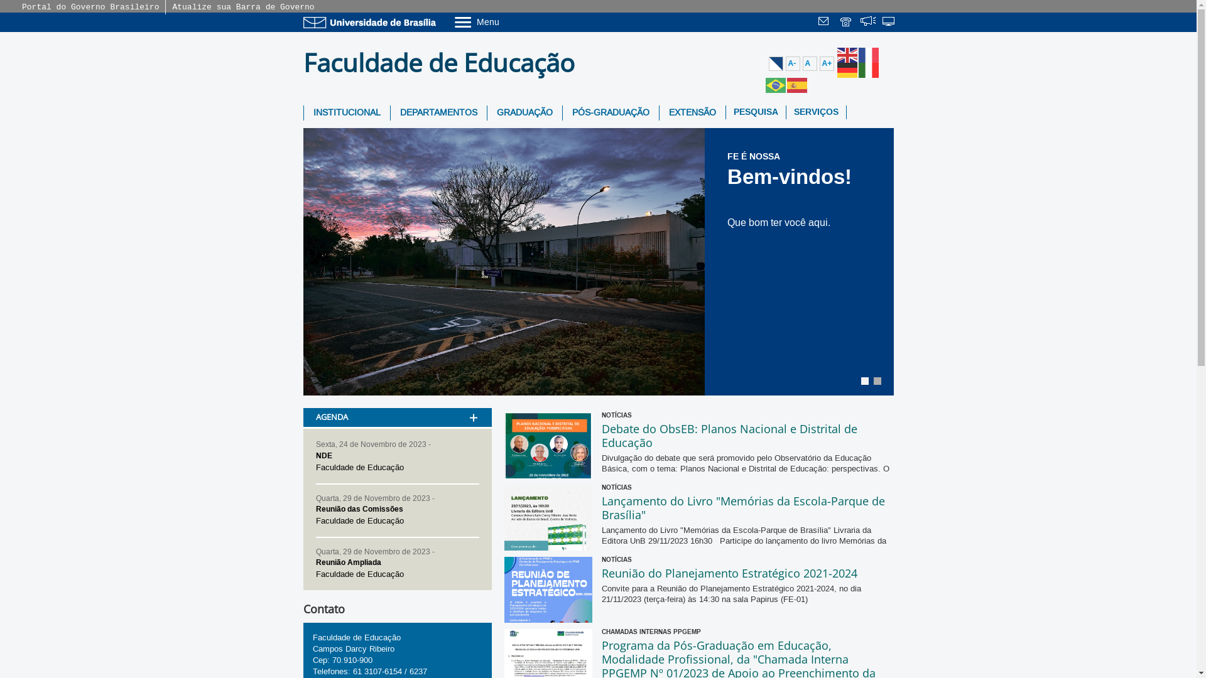 The height and width of the screenshot is (678, 1206). What do you see at coordinates (315, 455) in the screenshot?
I see `'NDE'` at bounding box center [315, 455].